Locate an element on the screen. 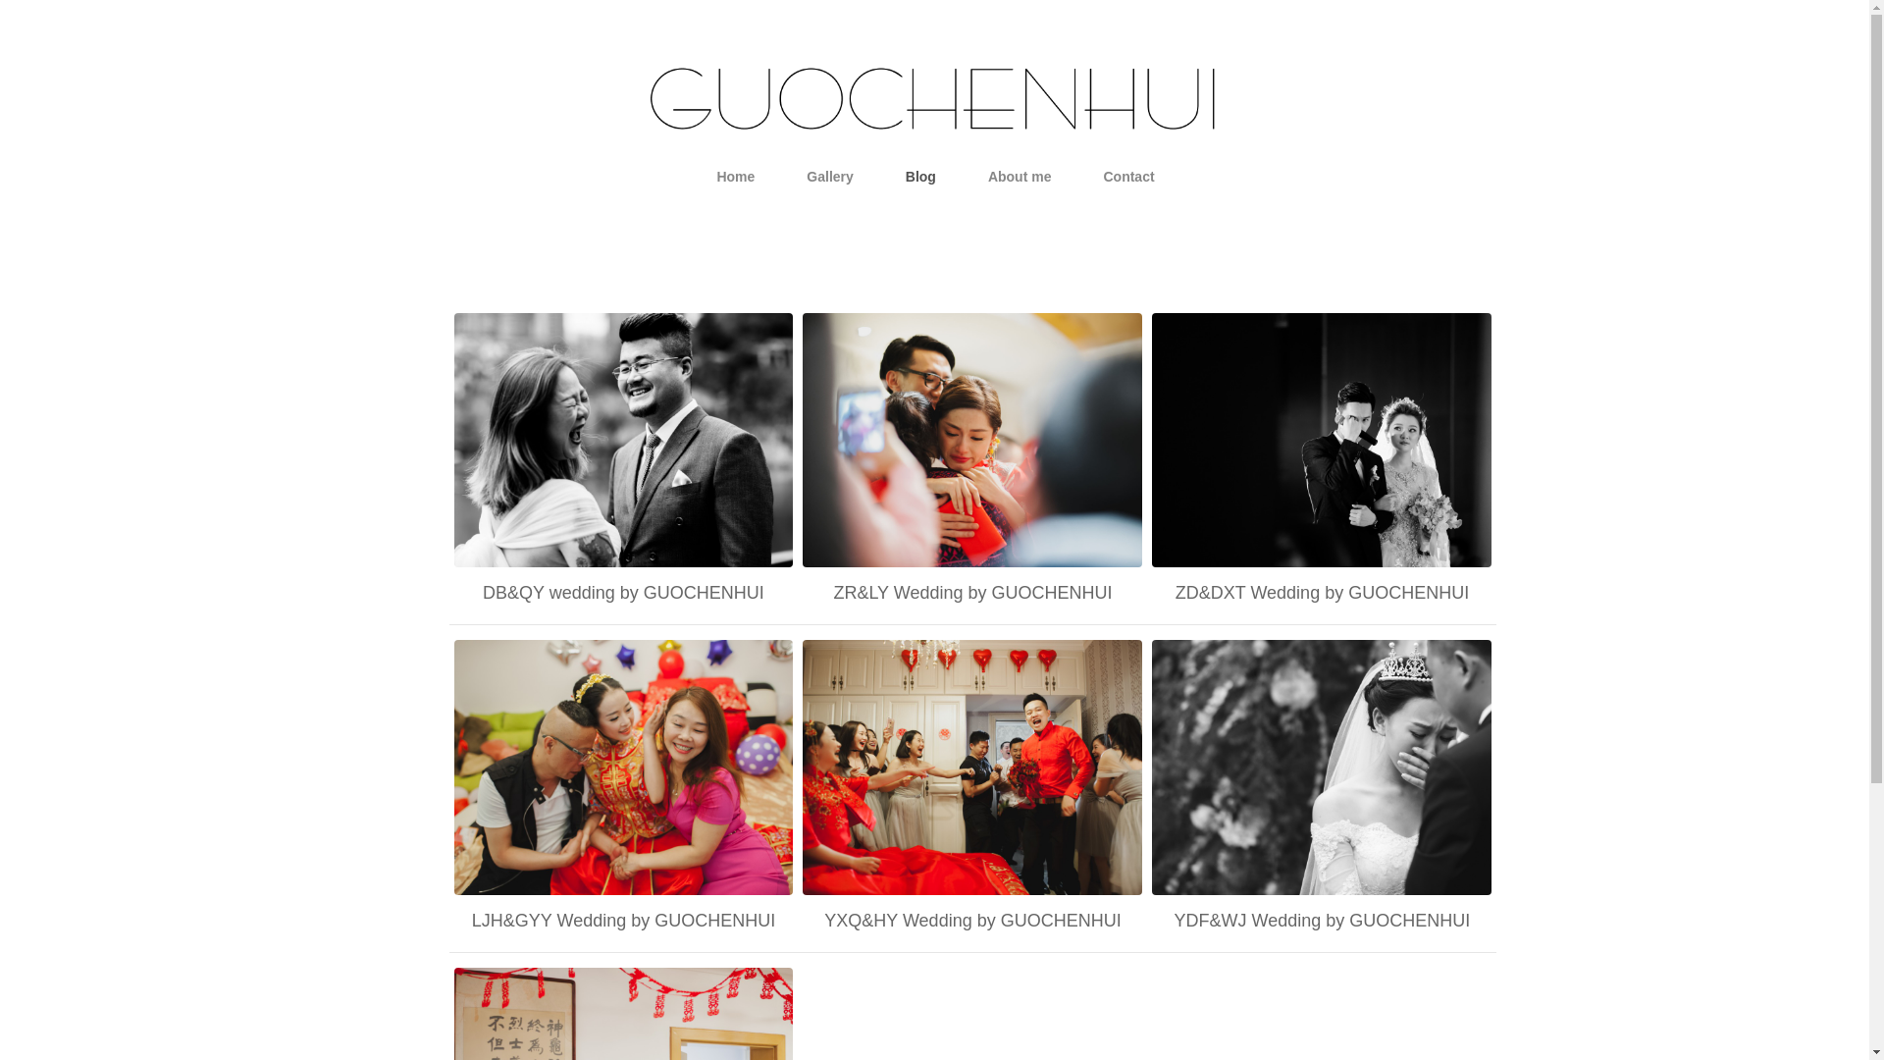  'Gallery' is located at coordinates (829, 177).